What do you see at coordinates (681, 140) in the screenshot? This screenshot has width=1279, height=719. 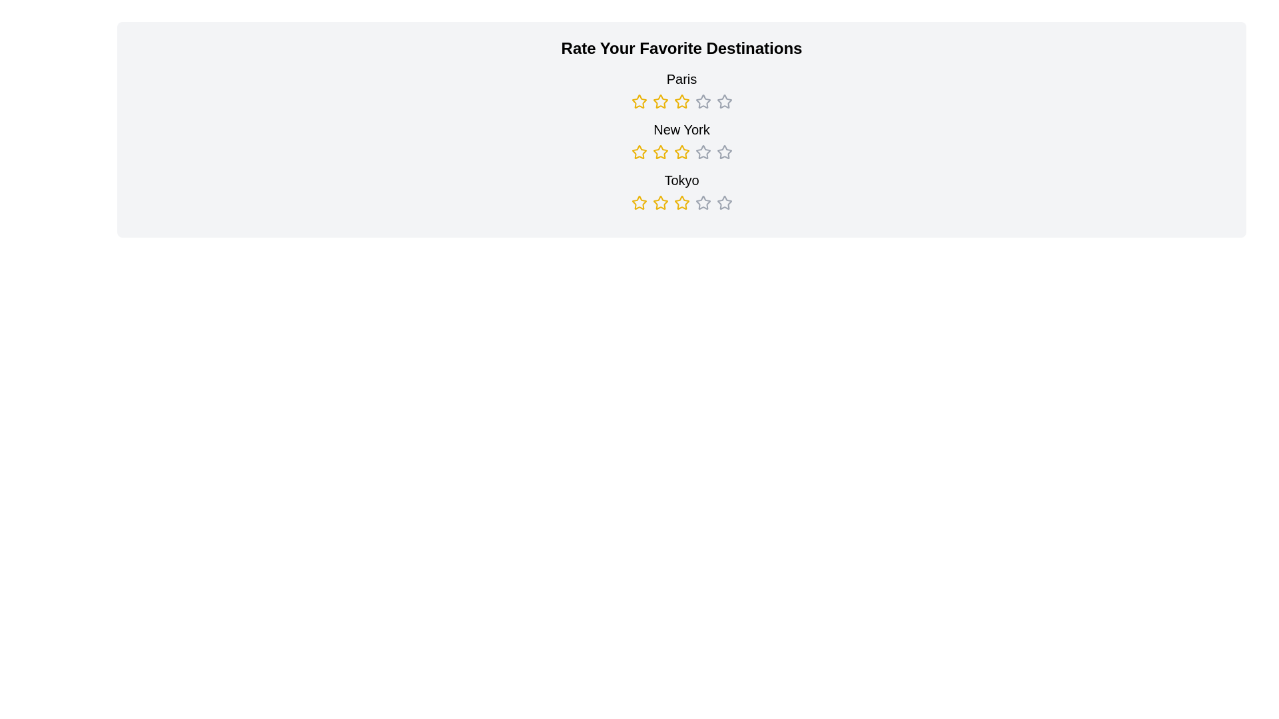 I see `text 'New York' displayed in the interactive rating component located as the second entry in the list of destination ratings` at bounding box center [681, 140].